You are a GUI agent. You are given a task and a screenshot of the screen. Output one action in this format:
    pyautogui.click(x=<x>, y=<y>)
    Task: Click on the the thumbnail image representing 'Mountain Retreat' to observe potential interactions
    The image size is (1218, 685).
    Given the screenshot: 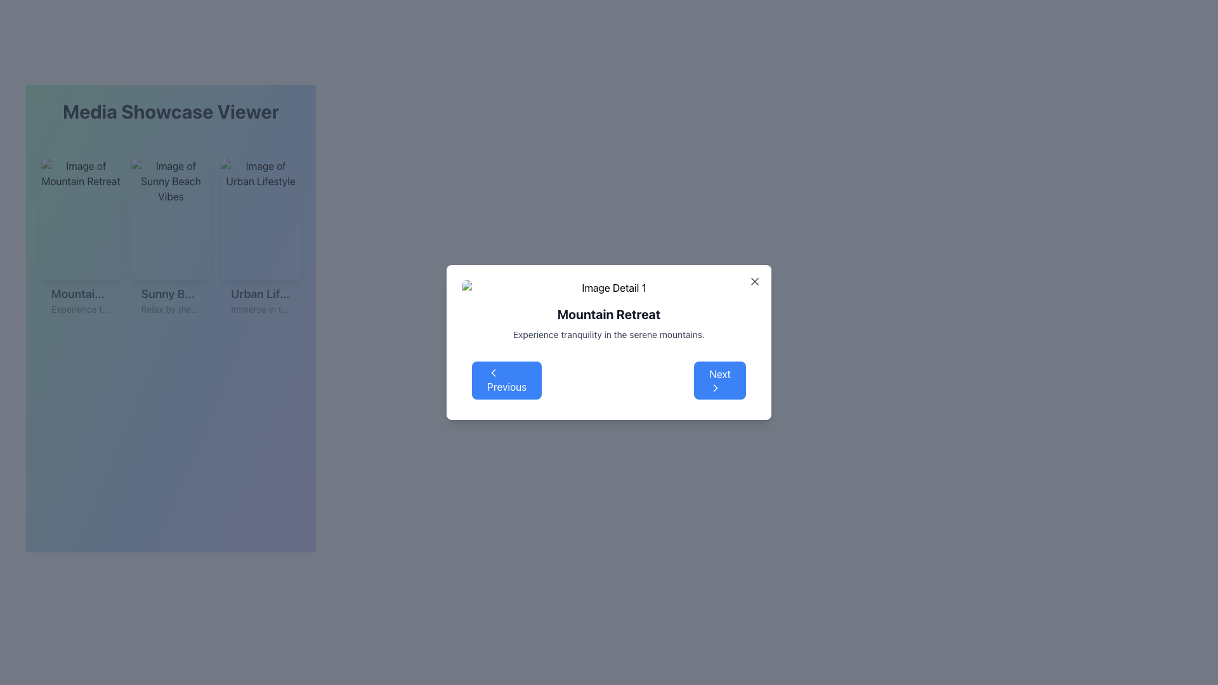 What is the action you would take?
    pyautogui.click(x=80, y=219)
    